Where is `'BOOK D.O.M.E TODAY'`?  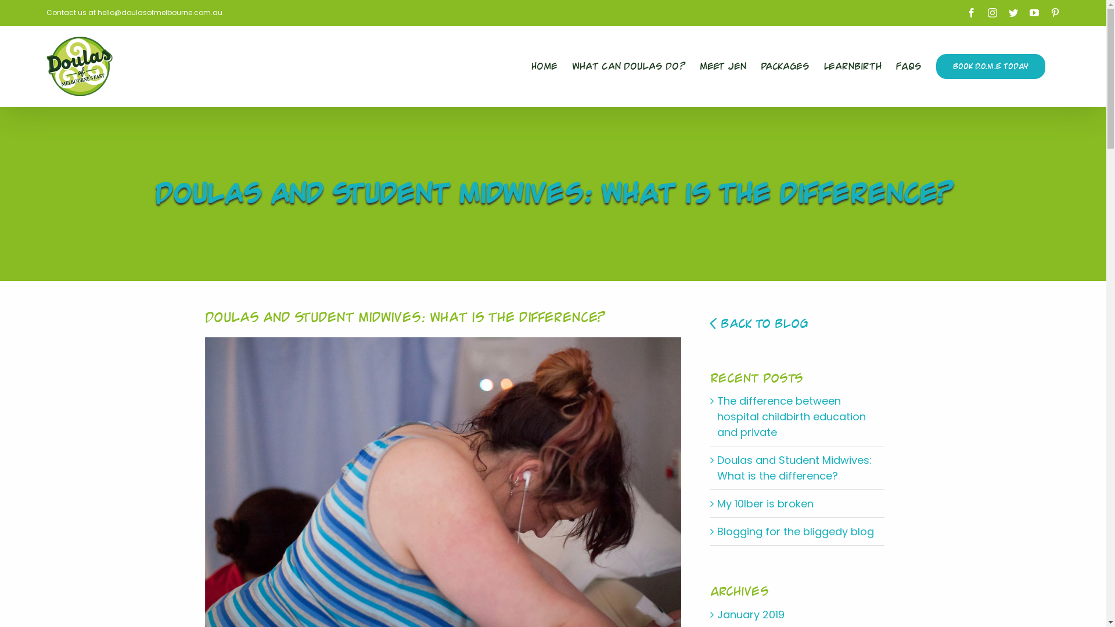
'BOOK D.O.M.E TODAY' is located at coordinates (936, 66).